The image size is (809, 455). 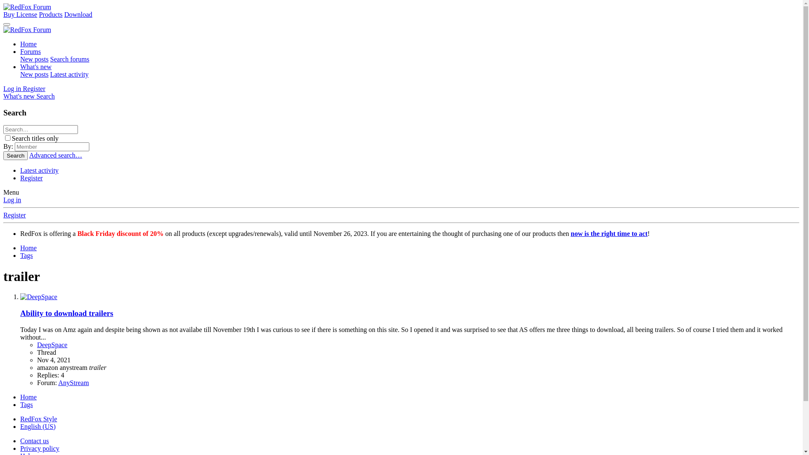 What do you see at coordinates (35, 66) in the screenshot?
I see `'What's new'` at bounding box center [35, 66].